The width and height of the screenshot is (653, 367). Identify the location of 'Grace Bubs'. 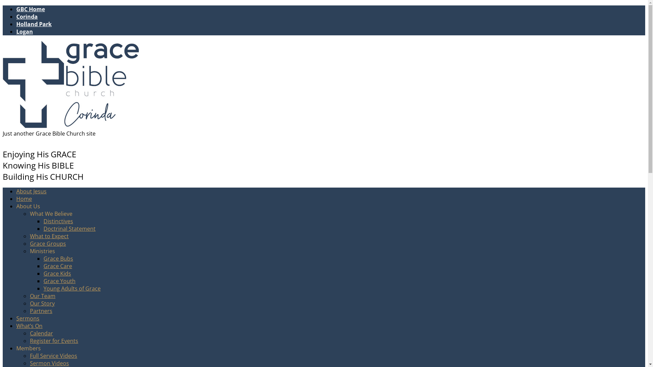
(58, 258).